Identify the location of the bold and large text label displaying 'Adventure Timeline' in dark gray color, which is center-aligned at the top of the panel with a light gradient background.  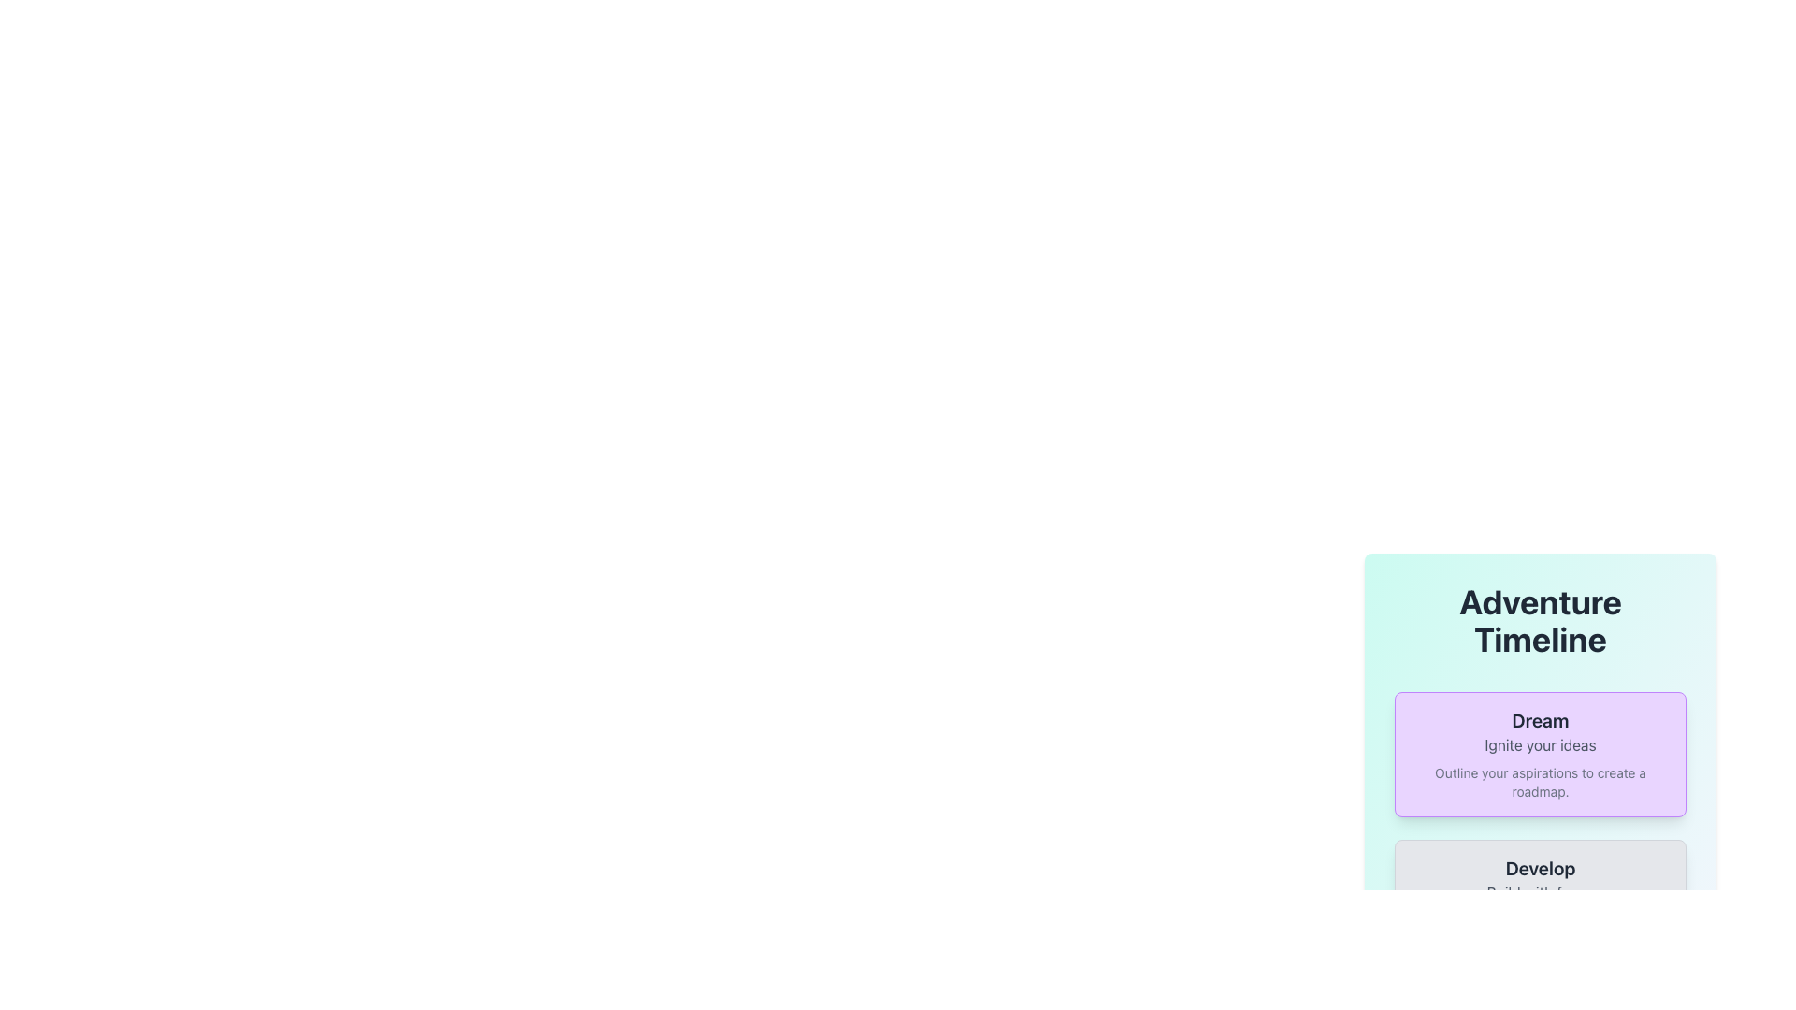
(1540, 620).